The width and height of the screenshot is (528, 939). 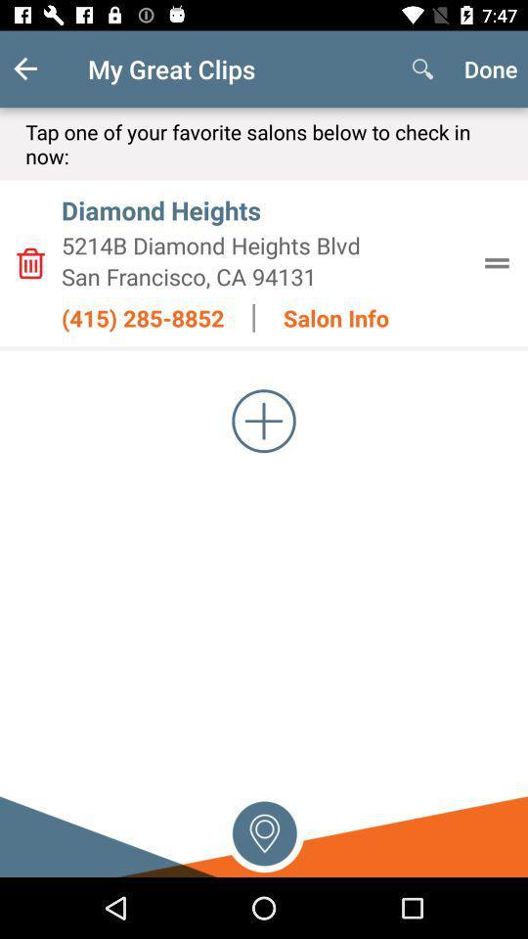 What do you see at coordinates (264, 830) in the screenshot?
I see `location` at bounding box center [264, 830].